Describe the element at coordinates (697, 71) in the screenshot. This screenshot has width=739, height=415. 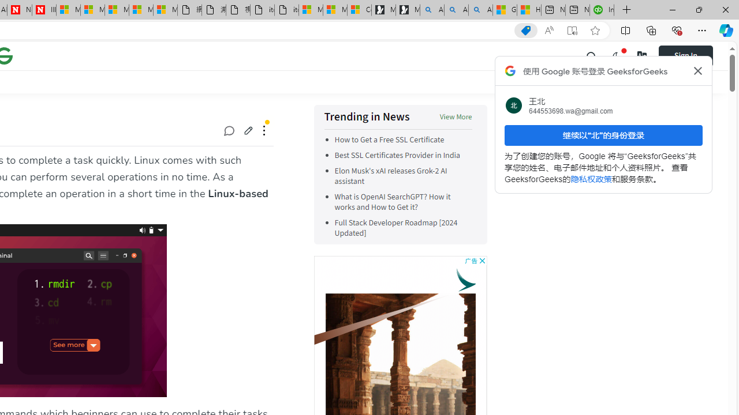
I see `'Class: Bz112c Bz112c-r9oPif'` at that location.